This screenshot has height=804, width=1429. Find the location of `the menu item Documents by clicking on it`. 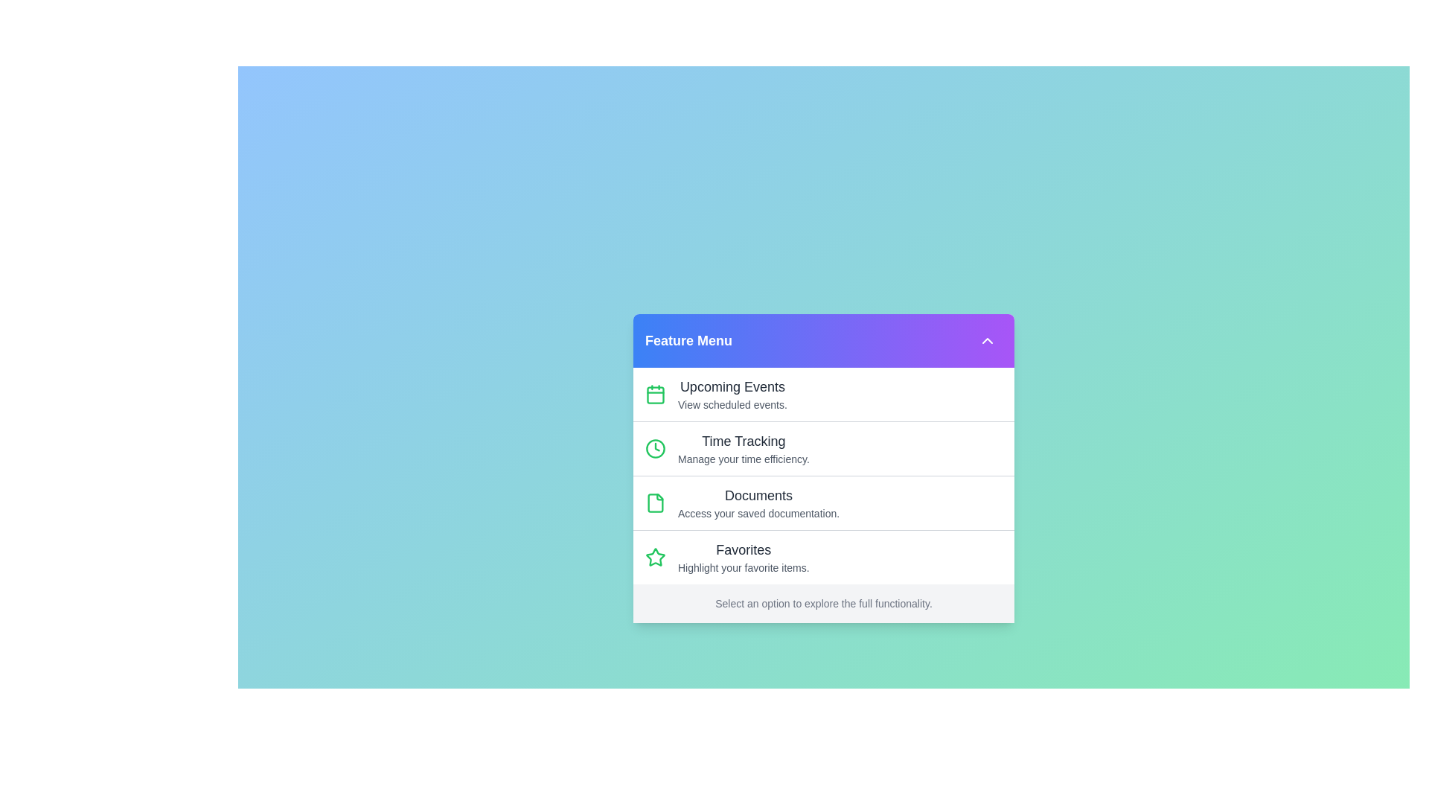

the menu item Documents by clicking on it is located at coordinates (823, 502).